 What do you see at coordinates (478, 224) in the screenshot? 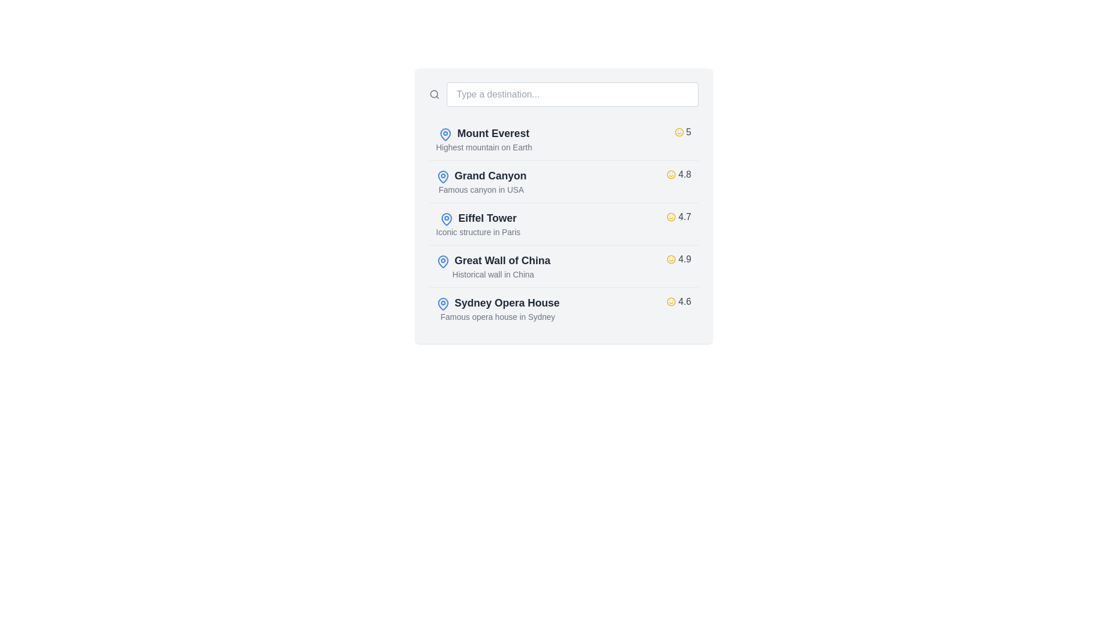
I see `the blue map pin icon of the destination titled 'Eiffel Tower'` at bounding box center [478, 224].